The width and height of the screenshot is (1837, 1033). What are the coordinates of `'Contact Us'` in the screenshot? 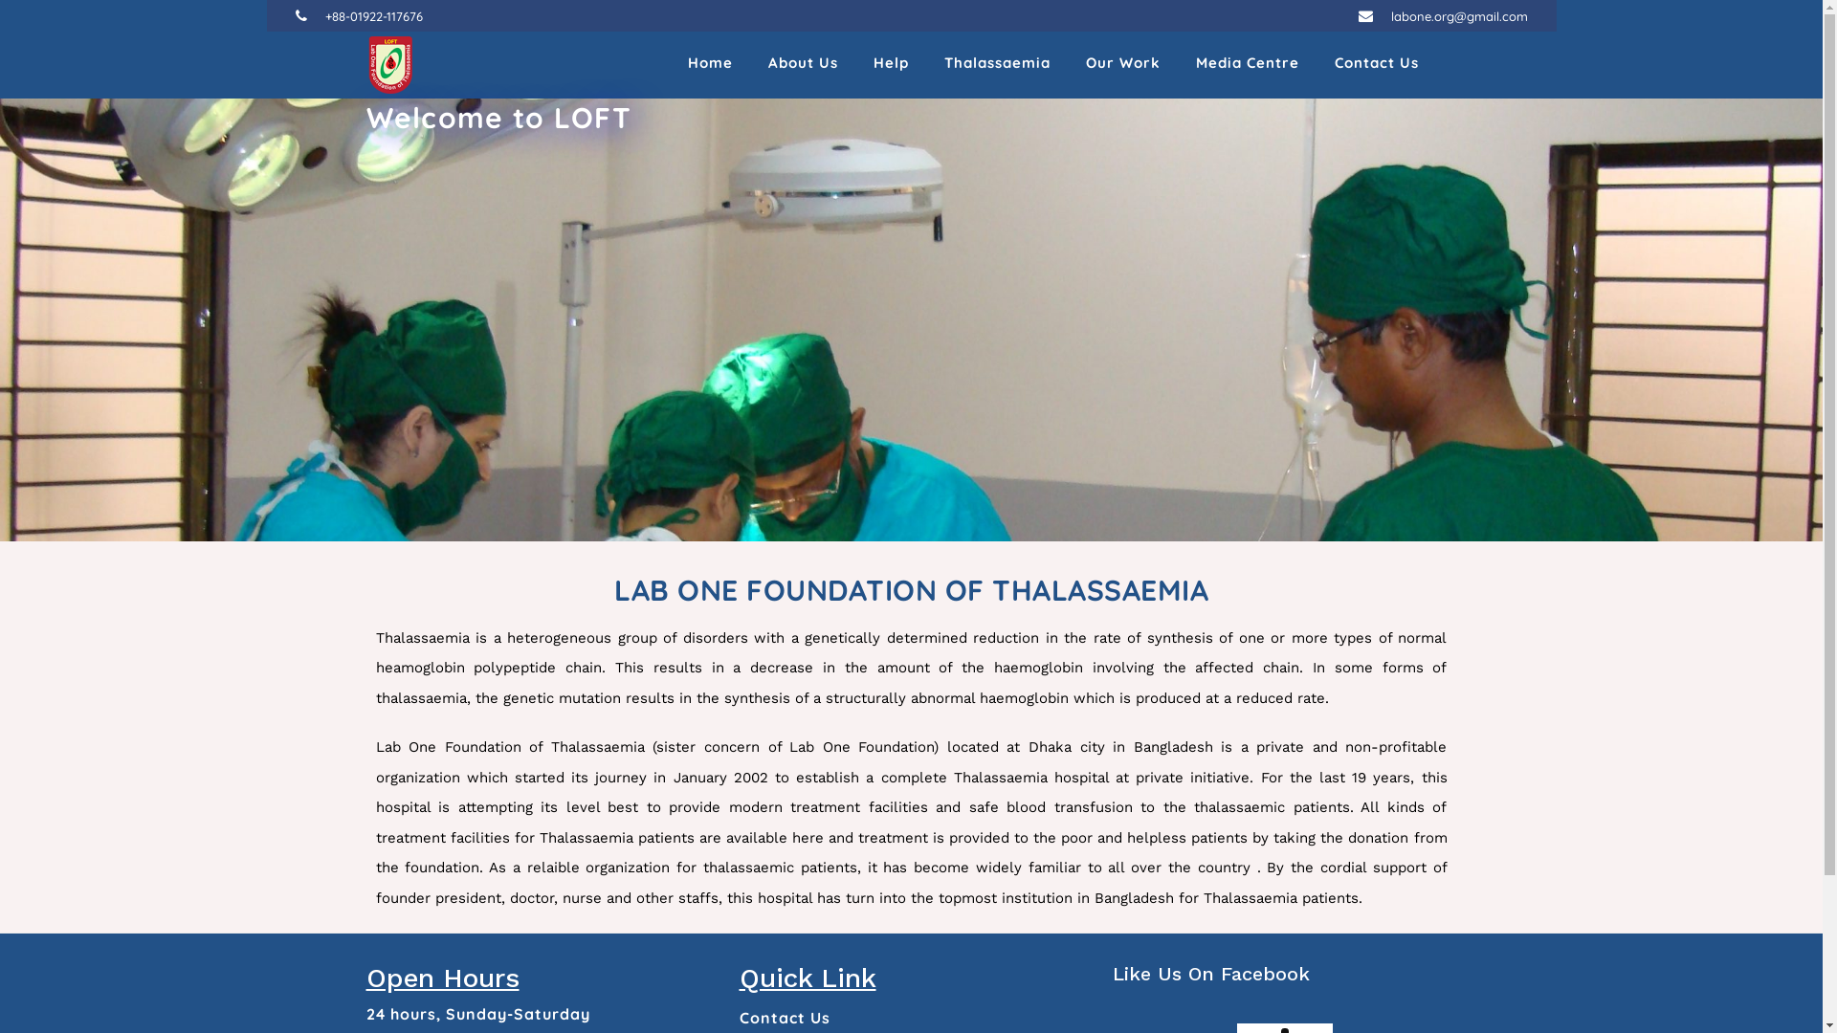 It's located at (784, 1017).